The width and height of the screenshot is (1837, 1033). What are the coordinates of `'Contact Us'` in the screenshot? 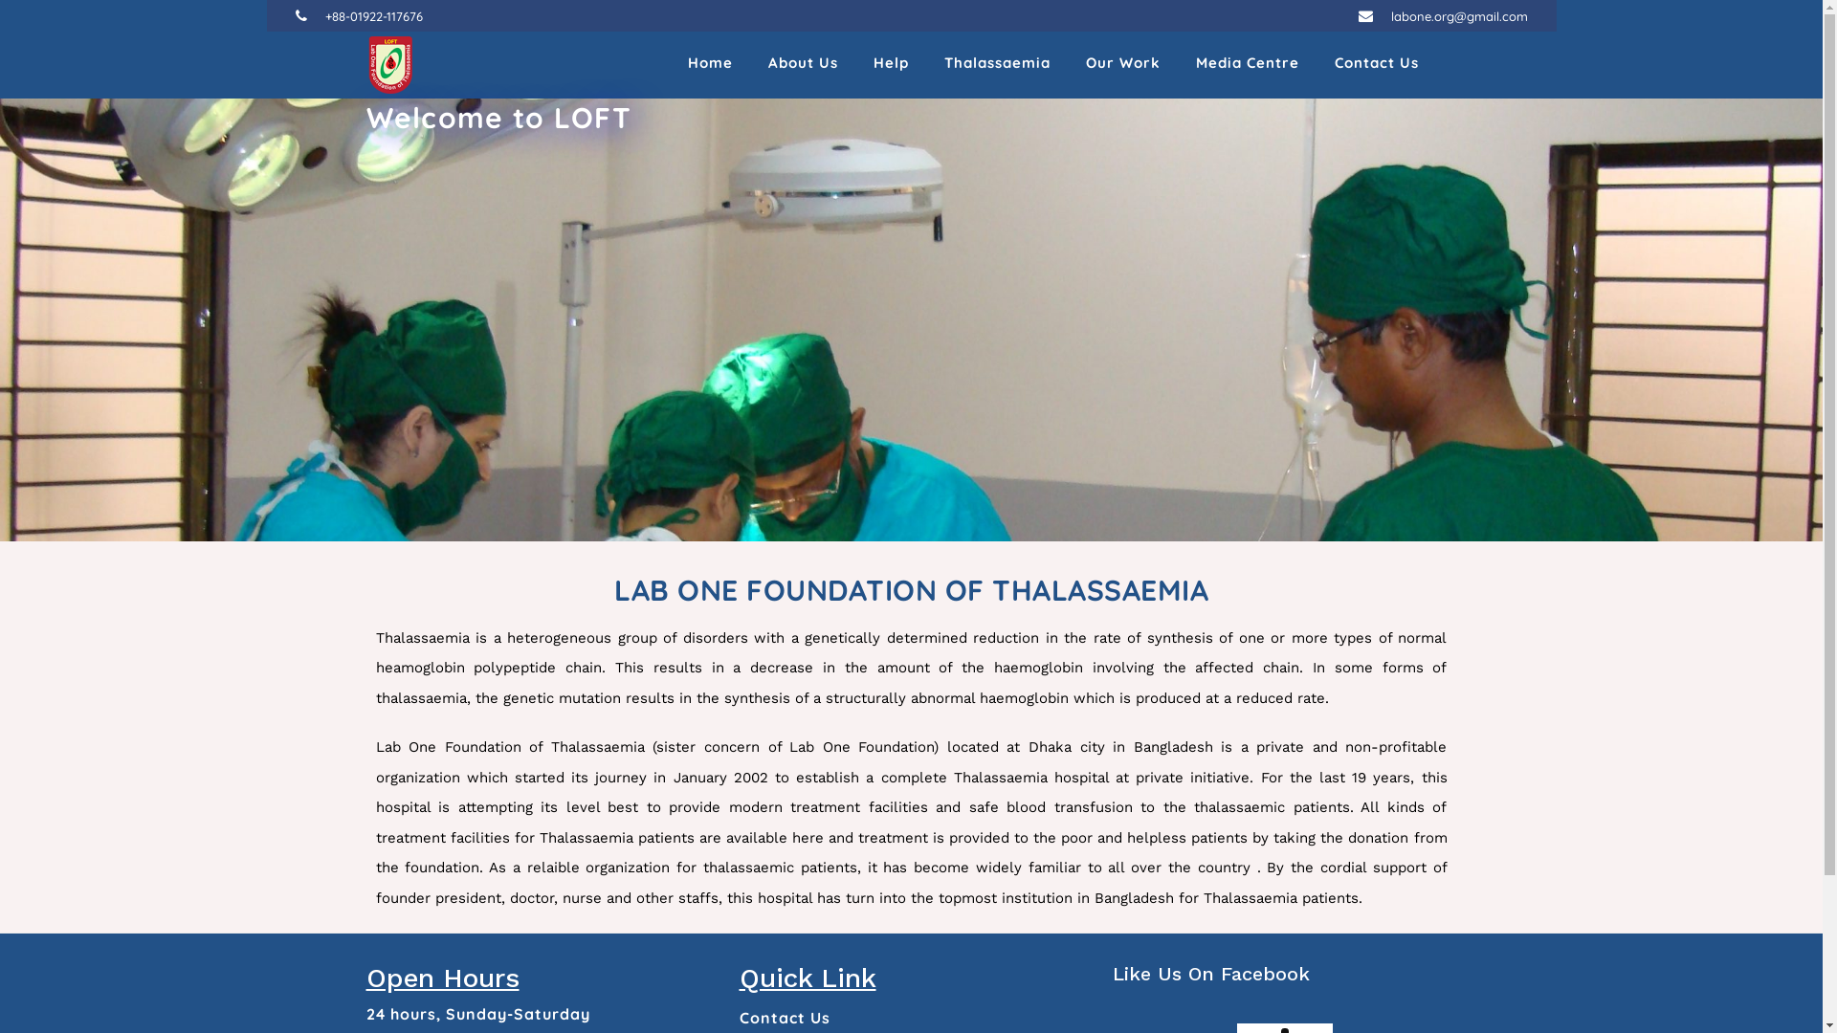 It's located at (784, 1017).